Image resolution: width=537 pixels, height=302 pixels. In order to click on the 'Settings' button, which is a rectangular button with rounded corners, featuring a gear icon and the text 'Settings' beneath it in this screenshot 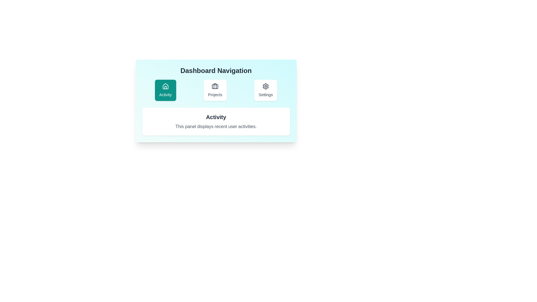, I will do `click(265, 90)`.